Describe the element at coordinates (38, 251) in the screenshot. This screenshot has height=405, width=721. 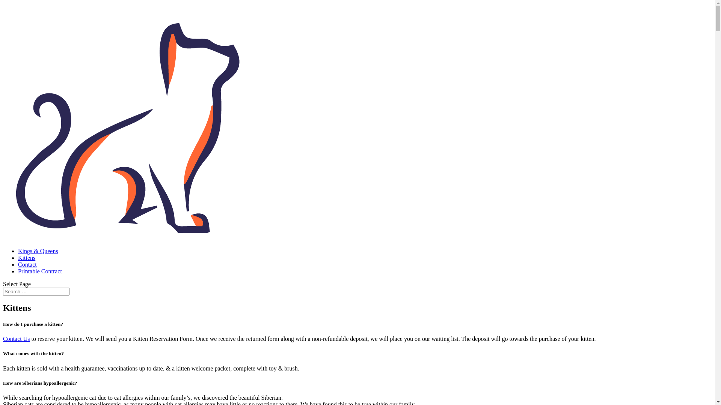
I see `'Kings & Queens'` at that location.